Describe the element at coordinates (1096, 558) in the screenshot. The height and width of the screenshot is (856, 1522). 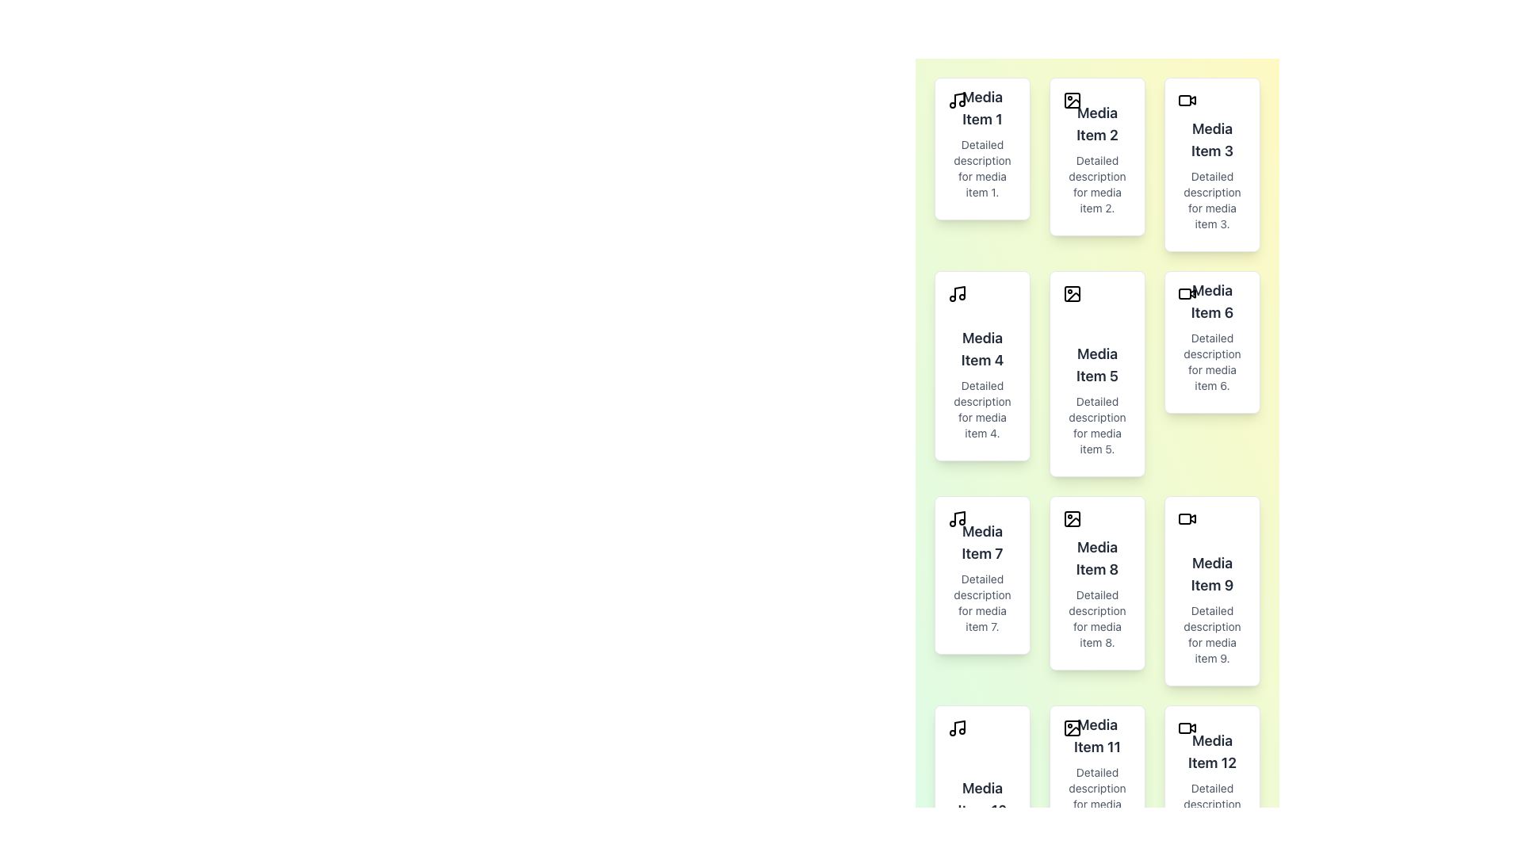
I see `the text label that serves as the title of the media card located in the 3rd column of the 2nd row, above the description text` at that location.